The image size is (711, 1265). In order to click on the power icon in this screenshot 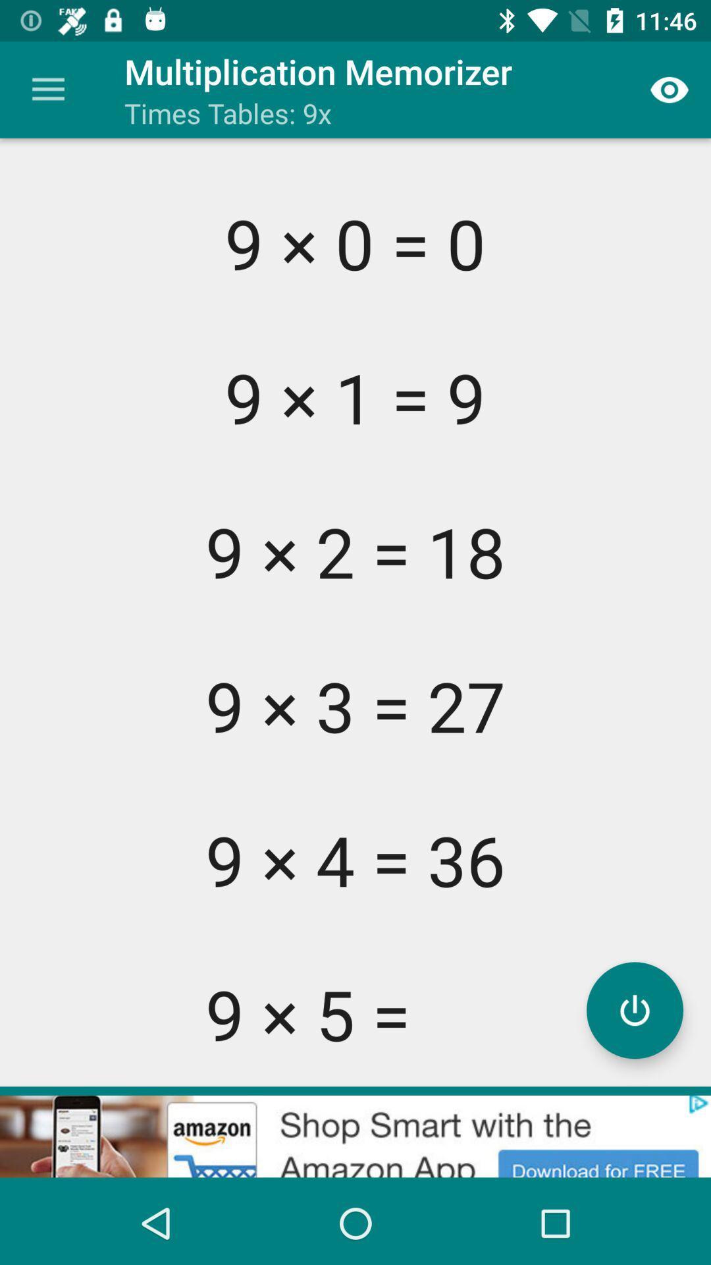, I will do `click(634, 1009)`.